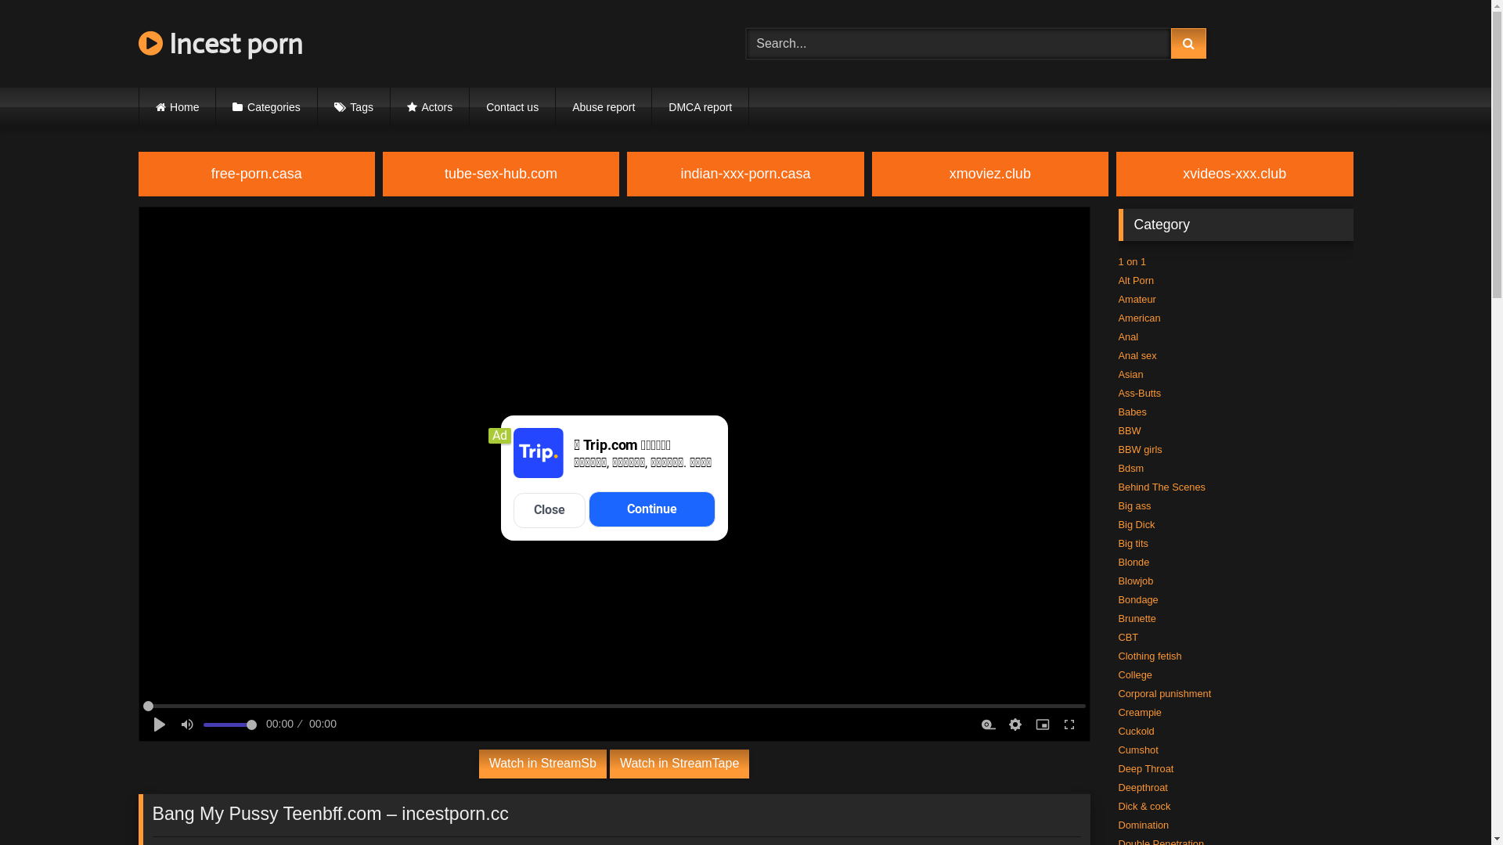 The height and width of the screenshot is (845, 1503). I want to click on 'CBT', so click(1127, 637).